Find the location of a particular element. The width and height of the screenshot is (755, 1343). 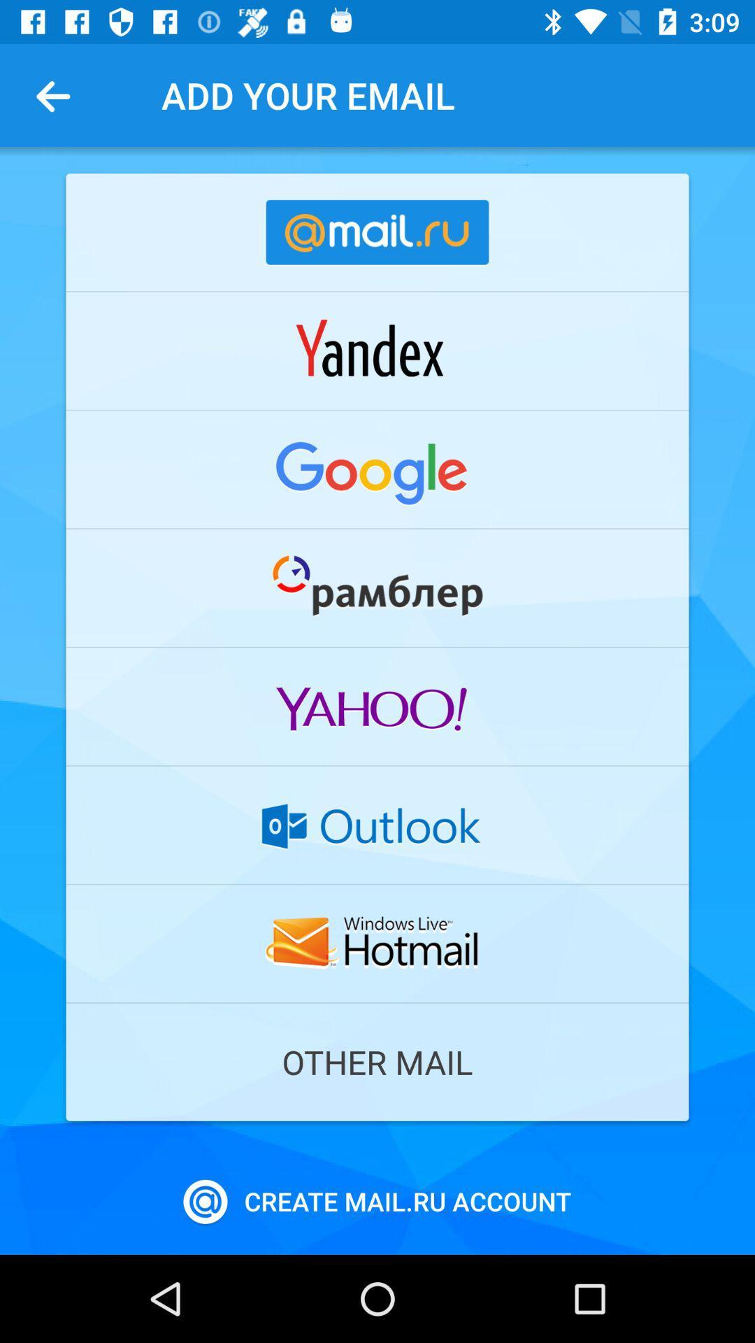

open gmail log in is located at coordinates (377, 469).